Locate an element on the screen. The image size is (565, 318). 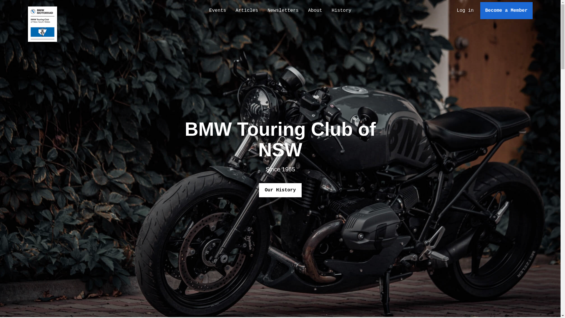
'Become a Member' is located at coordinates (506, 10).